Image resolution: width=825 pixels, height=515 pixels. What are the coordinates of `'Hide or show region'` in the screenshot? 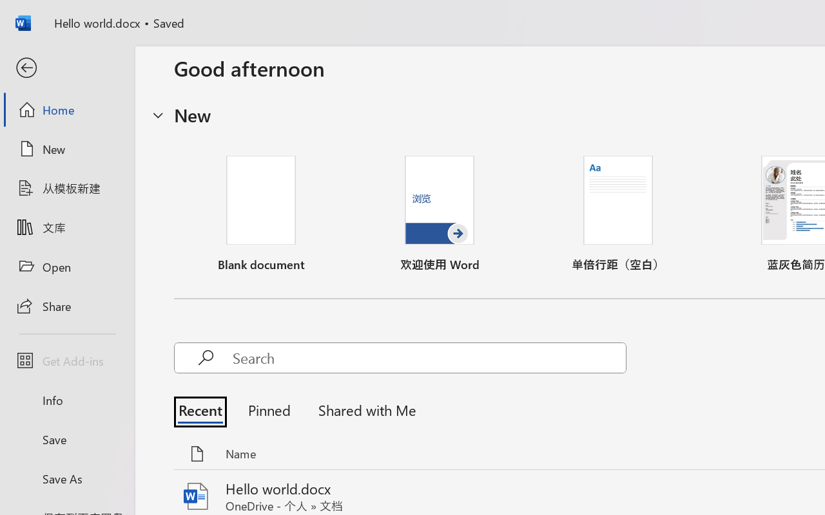 It's located at (157, 114).